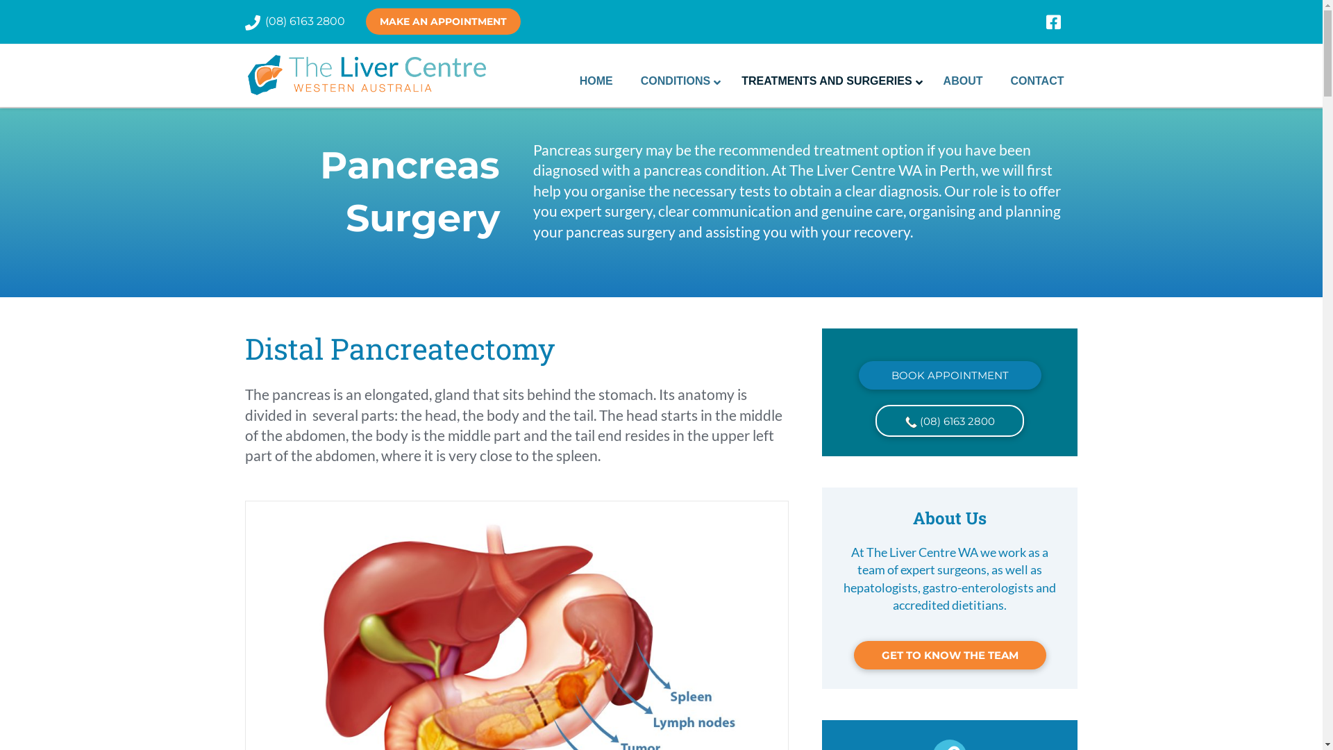 The width and height of the screenshot is (1333, 750). Describe the element at coordinates (1061, 22) in the screenshot. I see `'Facebook'` at that location.